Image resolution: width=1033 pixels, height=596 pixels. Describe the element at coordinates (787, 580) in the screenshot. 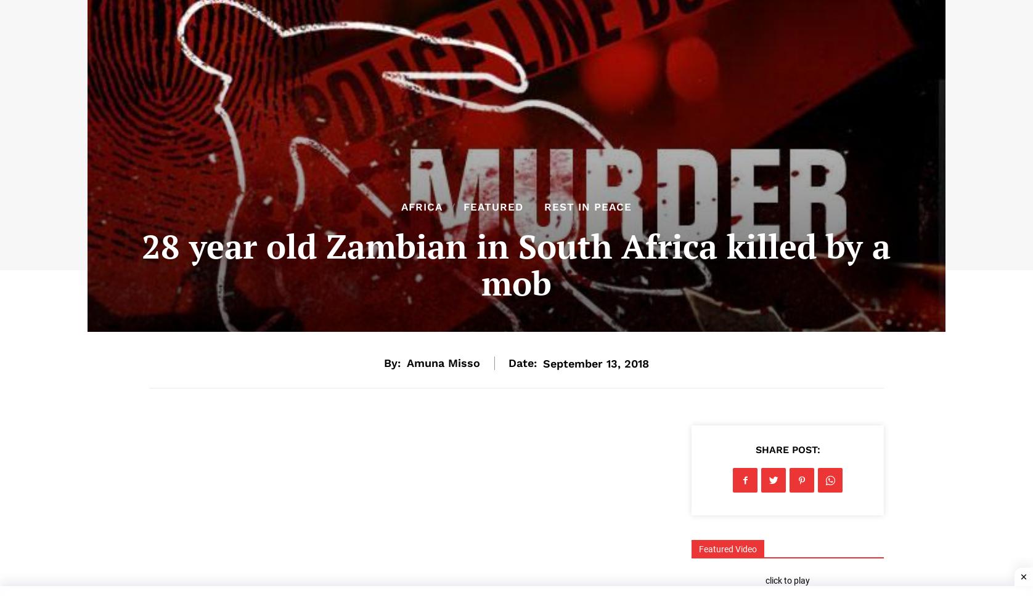

I see `'click to play'` at that location.